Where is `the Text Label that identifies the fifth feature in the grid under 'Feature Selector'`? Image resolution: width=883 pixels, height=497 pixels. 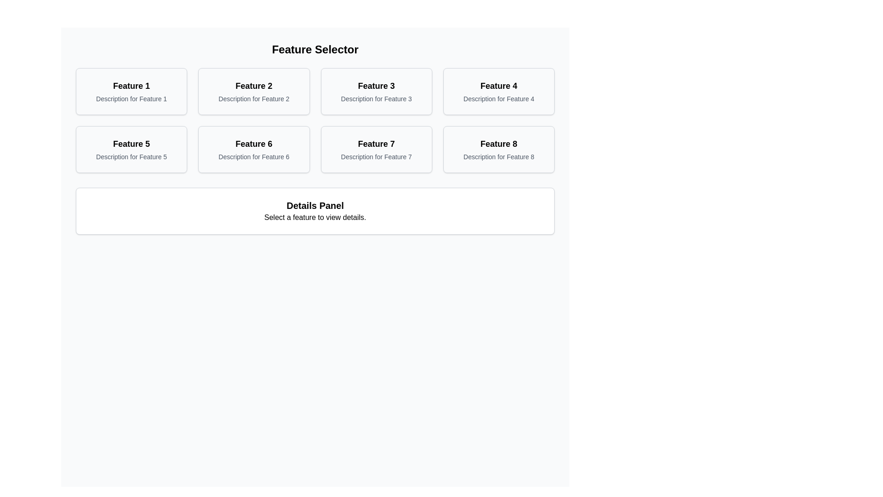 the Text Label that identifies the fifth feature in the grid under 'Feature Selector' is located at coordinates (131, 144).